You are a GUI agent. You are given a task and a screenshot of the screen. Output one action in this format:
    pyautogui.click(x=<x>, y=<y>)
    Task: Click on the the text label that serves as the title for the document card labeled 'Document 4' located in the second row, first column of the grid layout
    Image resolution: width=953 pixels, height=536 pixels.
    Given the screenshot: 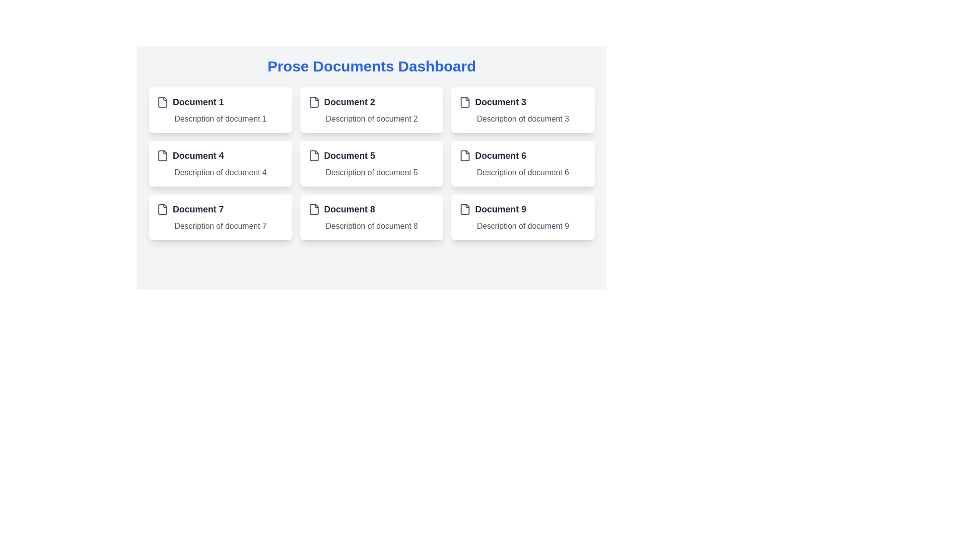 What is the action you would take?
    pyautogui.click(x=220, y=155)
    